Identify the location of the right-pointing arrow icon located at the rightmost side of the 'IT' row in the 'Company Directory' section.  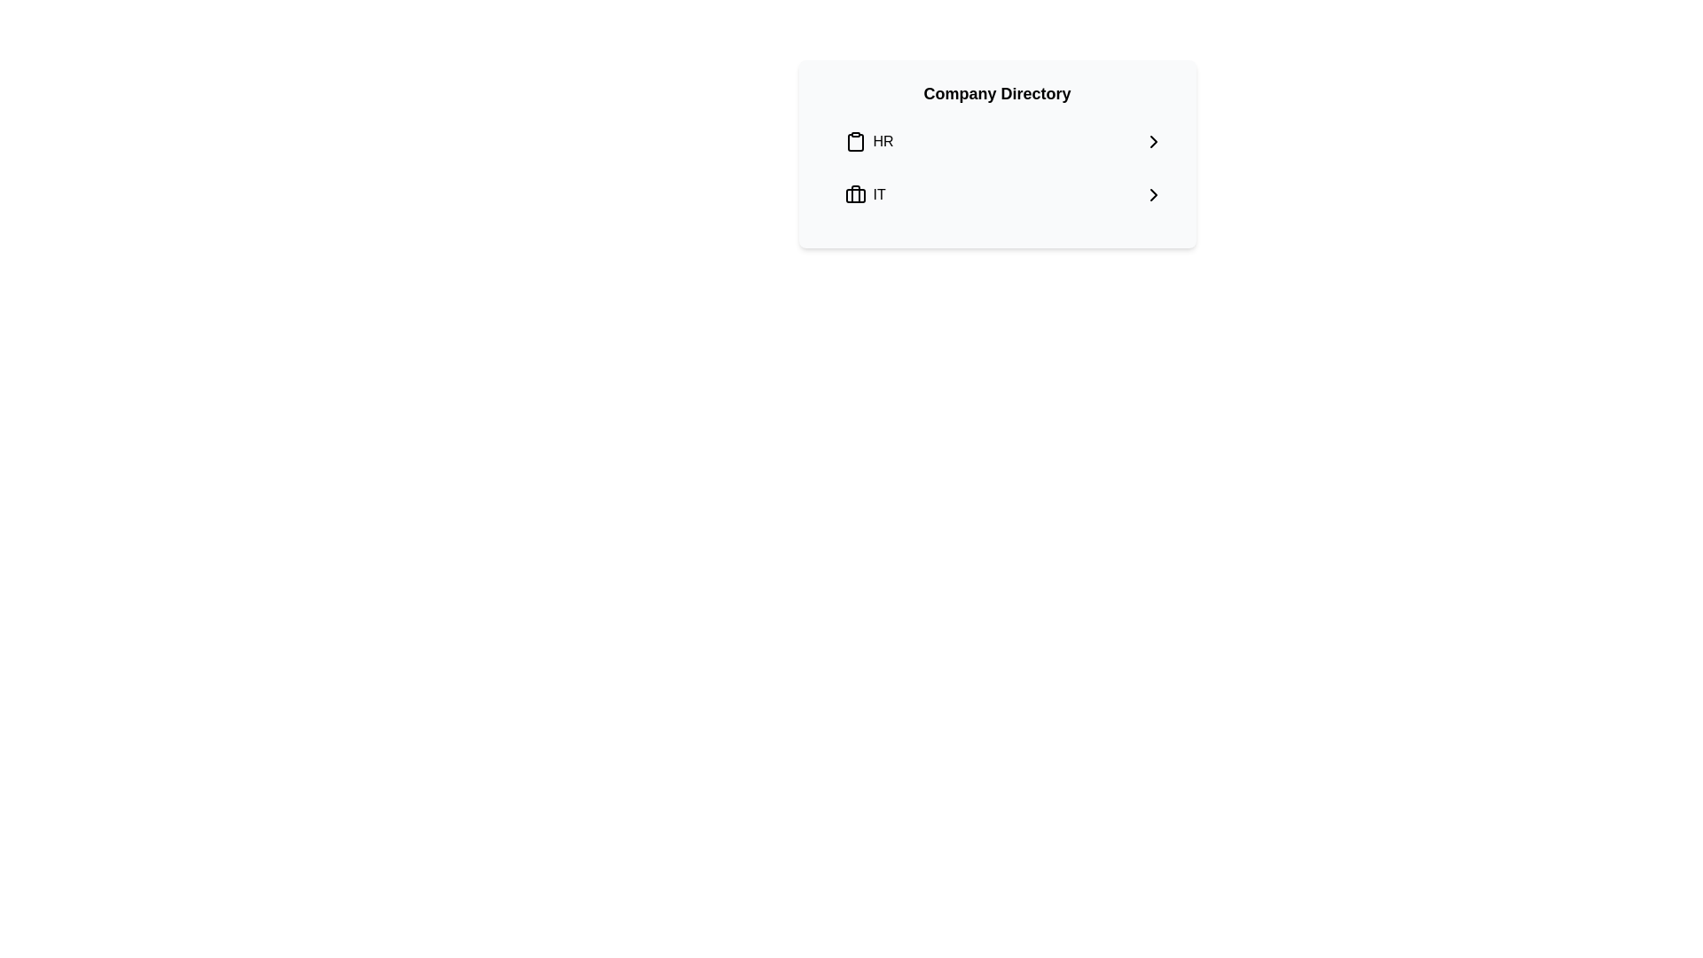
(1153, 194).